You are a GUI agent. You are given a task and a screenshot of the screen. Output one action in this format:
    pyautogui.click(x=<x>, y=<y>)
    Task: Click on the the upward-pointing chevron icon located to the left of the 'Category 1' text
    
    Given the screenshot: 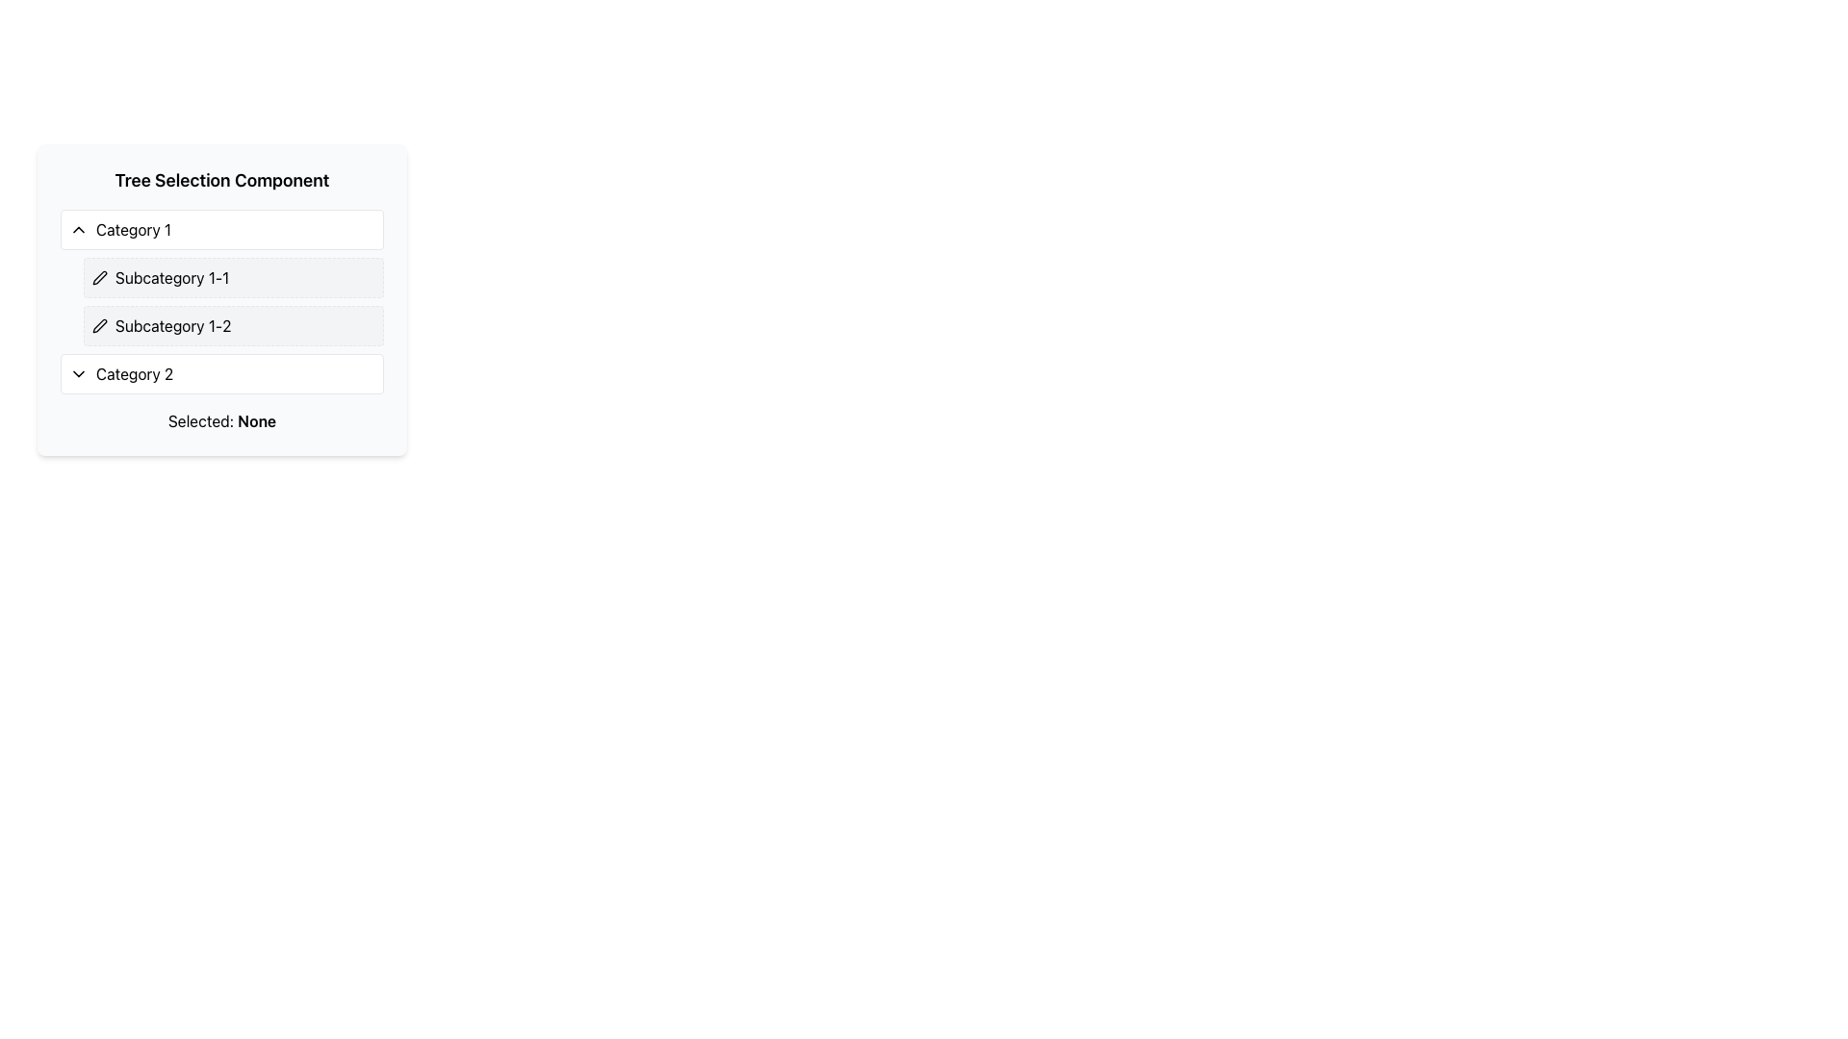 What is the action you would take?
    pyautogui.click(x=77, y=229)
    